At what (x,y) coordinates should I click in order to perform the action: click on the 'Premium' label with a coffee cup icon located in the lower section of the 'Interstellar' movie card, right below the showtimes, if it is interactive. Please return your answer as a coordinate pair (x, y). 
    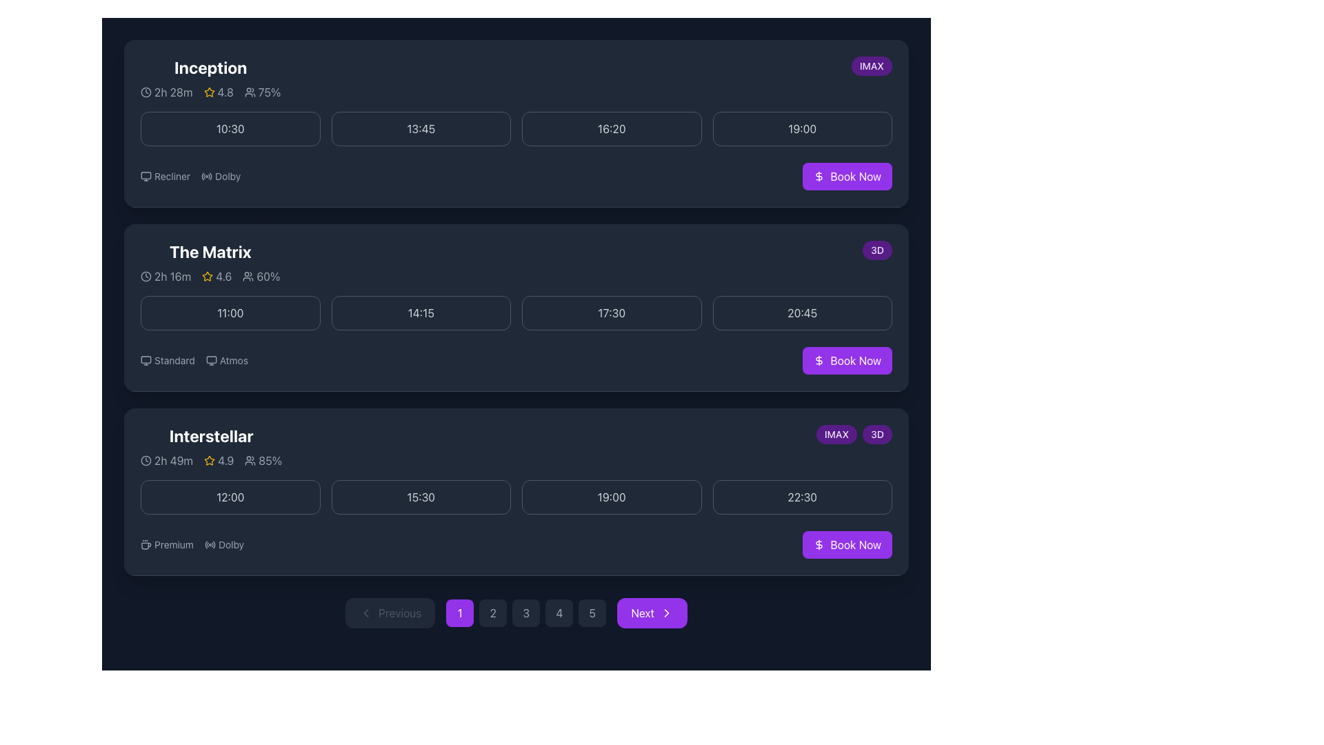
    Looking at the image, I should click on (166, 544).